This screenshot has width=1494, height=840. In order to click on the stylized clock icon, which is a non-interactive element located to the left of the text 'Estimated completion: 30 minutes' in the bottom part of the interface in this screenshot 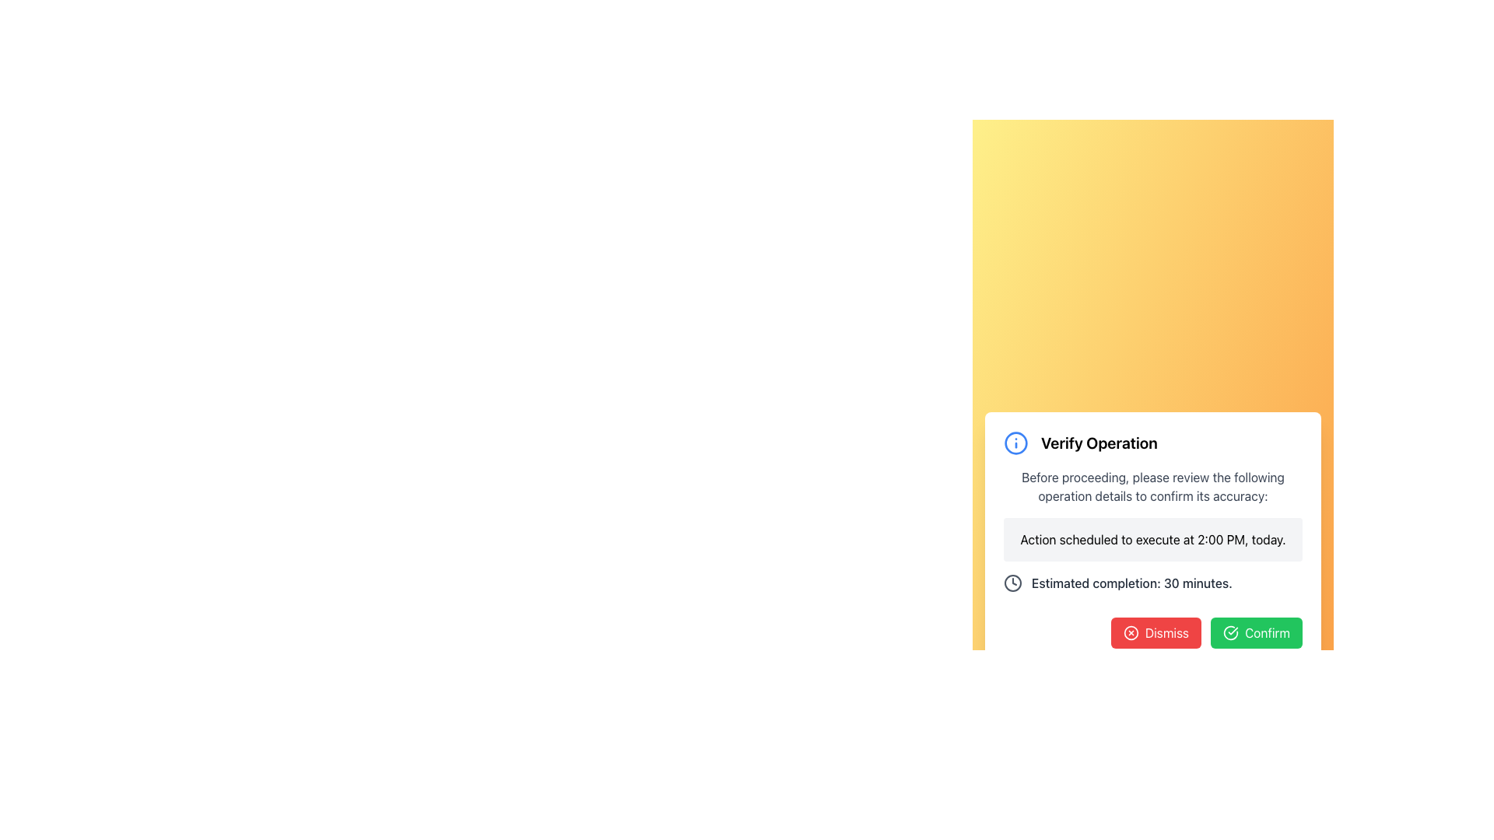, I will do `click(1012, 583)`.